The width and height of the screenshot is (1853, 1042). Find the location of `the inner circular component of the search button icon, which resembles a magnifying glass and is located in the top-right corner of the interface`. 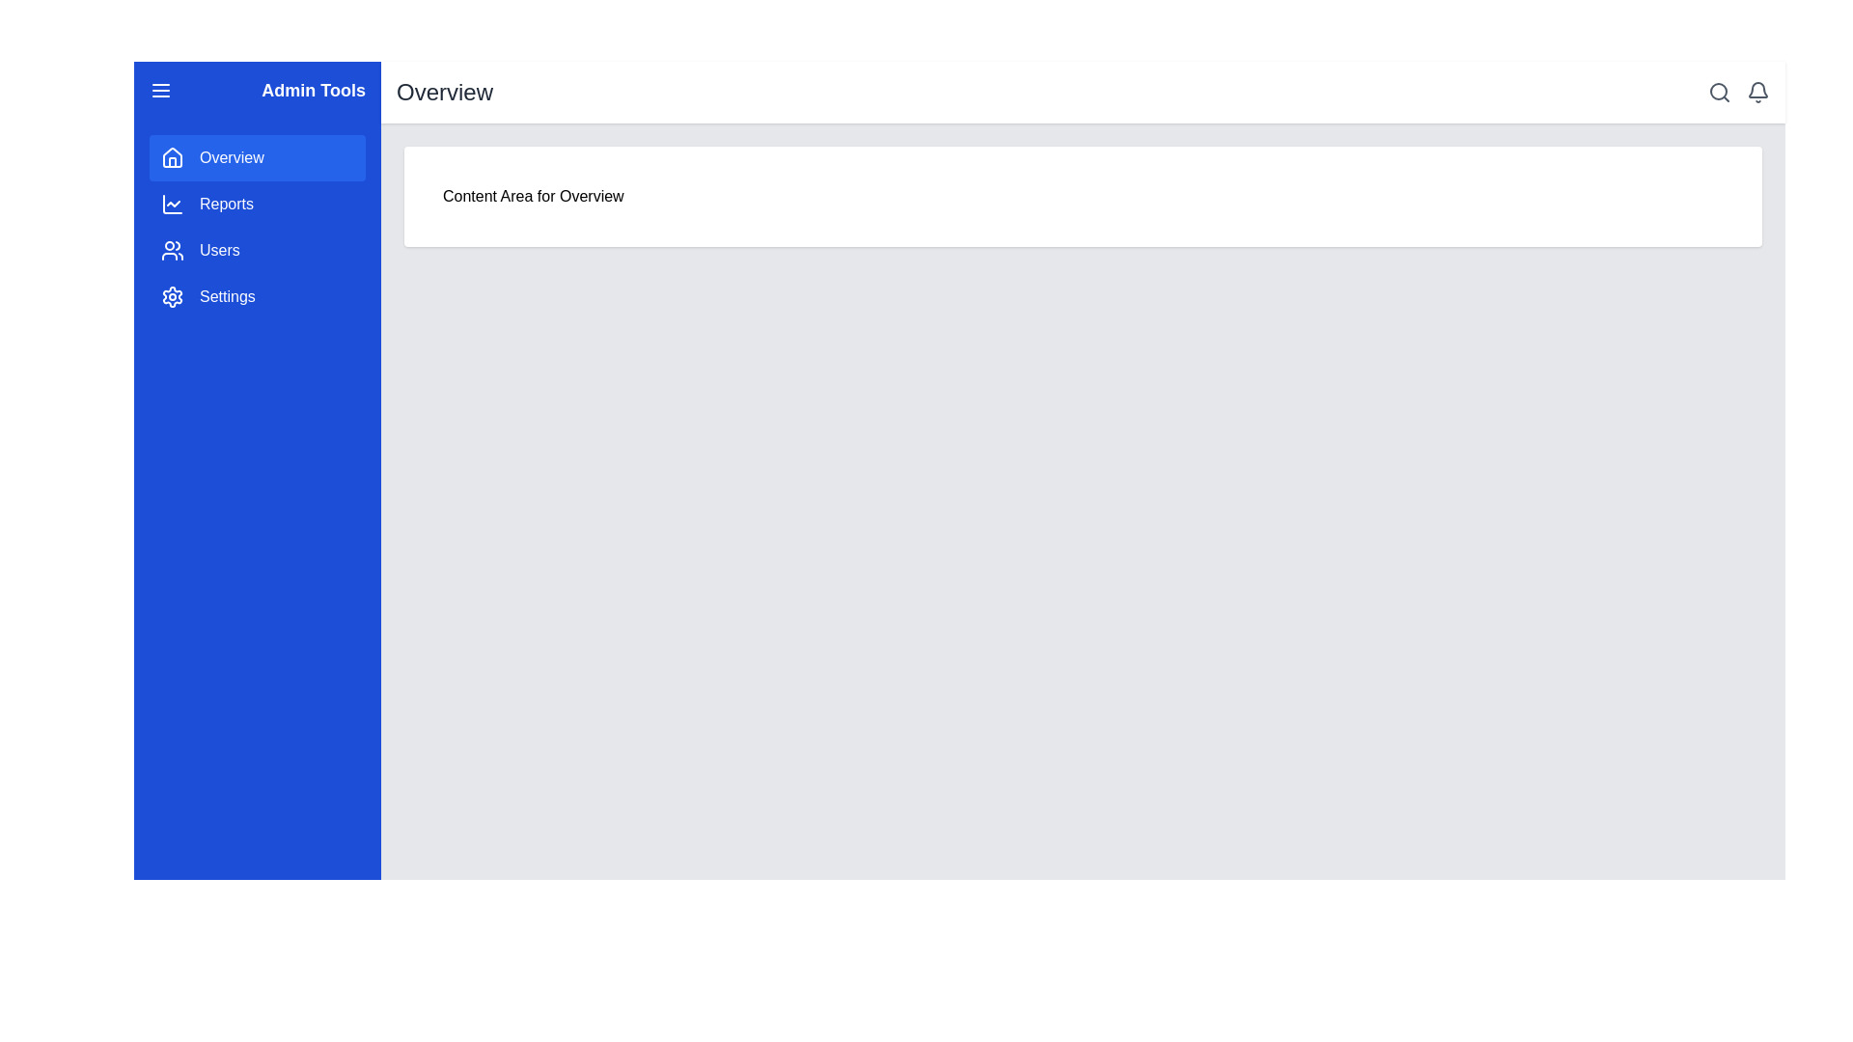

the inner circular component of the search button icon, which resembles a magnifying glass and is located in the top-right corner of the interface is located at coordinates (1718, 92).